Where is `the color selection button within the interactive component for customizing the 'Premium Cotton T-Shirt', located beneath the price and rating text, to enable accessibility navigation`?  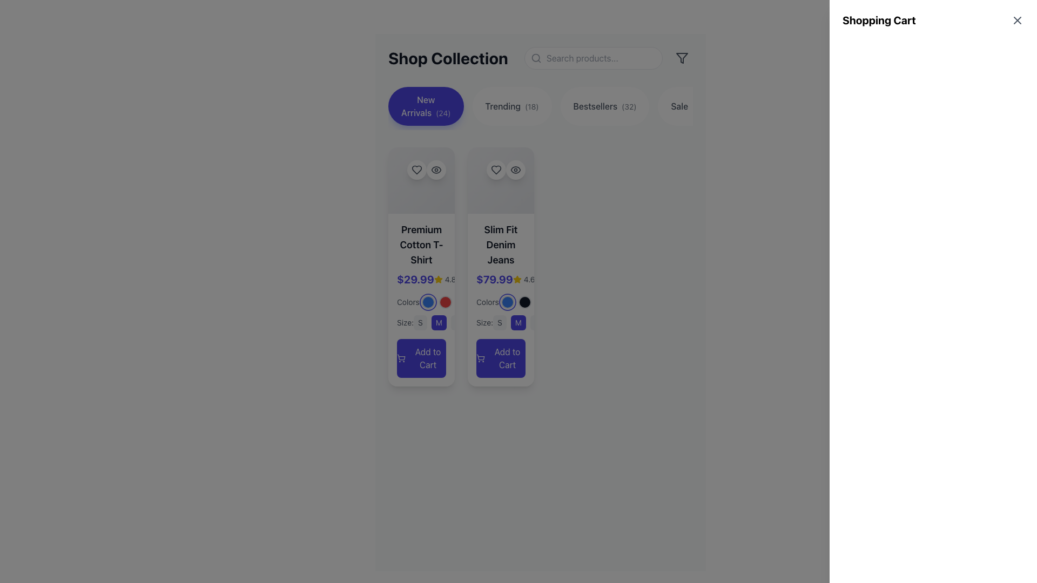 the color selection button within the interactive component for customizing the 'Premium Cotton T-Shirt', located beneath the price and rating text, to enable accessibility navigation is located at coordinates (421, 313).